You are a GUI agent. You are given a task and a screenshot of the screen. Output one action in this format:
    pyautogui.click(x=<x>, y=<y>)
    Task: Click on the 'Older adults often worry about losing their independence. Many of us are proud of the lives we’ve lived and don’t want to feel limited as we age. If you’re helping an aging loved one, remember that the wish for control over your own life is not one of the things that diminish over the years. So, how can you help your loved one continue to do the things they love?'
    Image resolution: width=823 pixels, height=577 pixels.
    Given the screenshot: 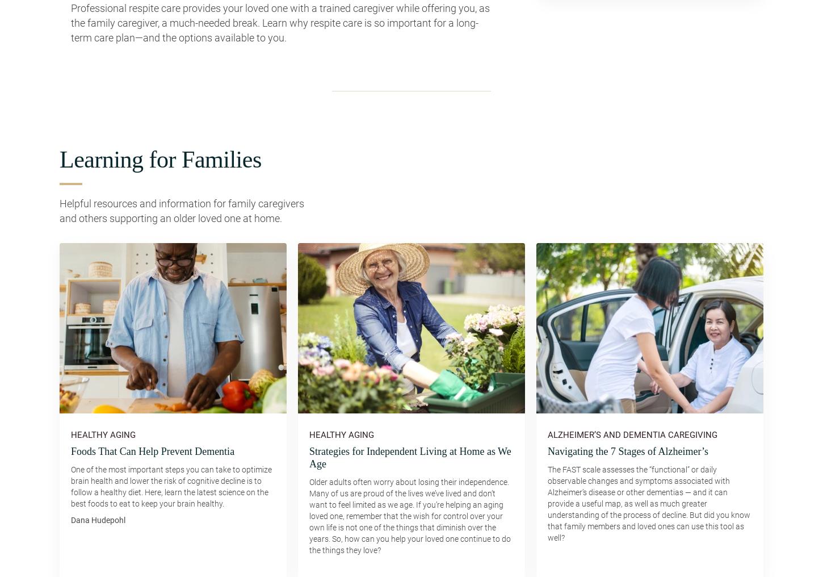 What is the action you would take?
    pyautogui.click(x=409, y=516)
    